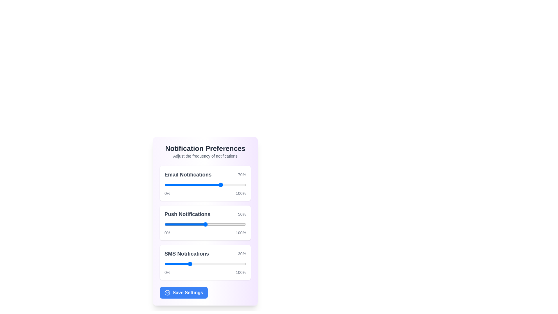  What do you see at coordinates (187, 185) in the screenshot?
I see `the Email Notification slider` at bounding box center [187, 185].